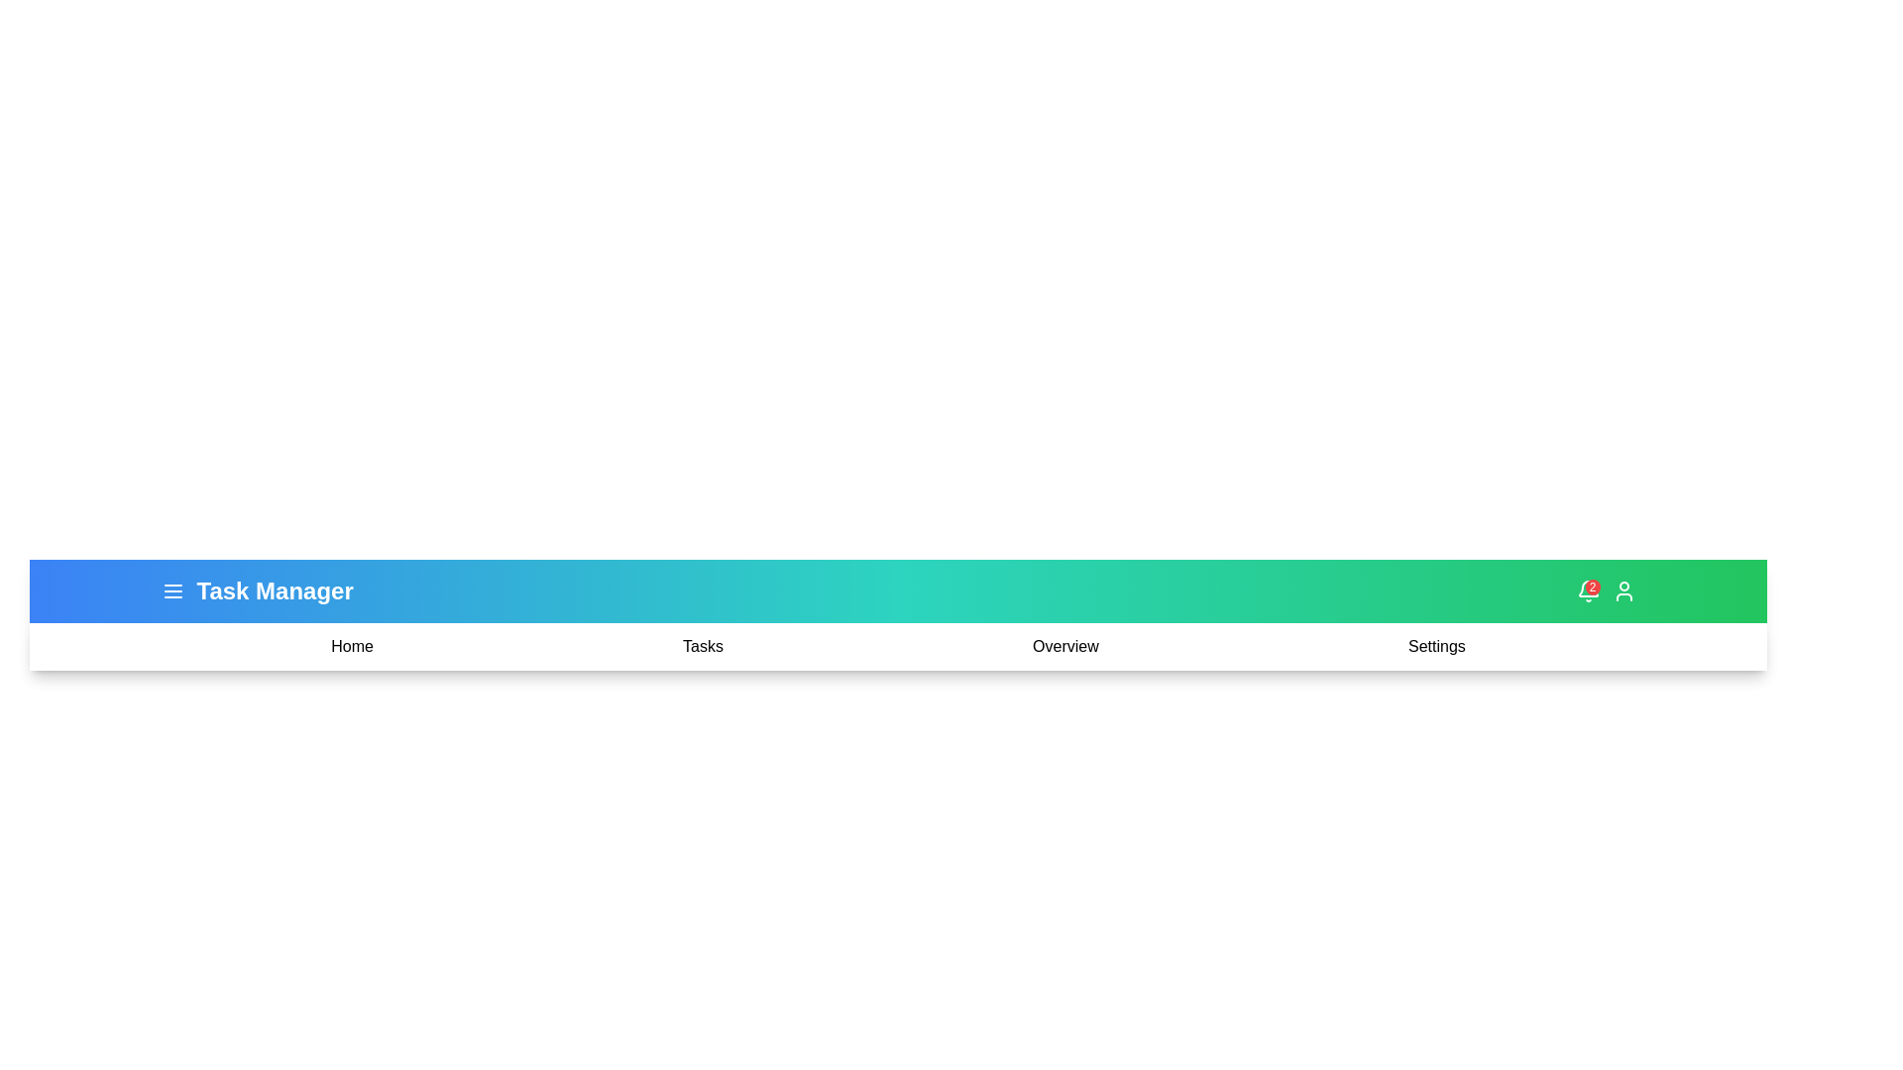  Describe the element at coordinates (703, 646) in the screenshot. I see `the menu item Tasks to navigate to the corresponding section` at that location.